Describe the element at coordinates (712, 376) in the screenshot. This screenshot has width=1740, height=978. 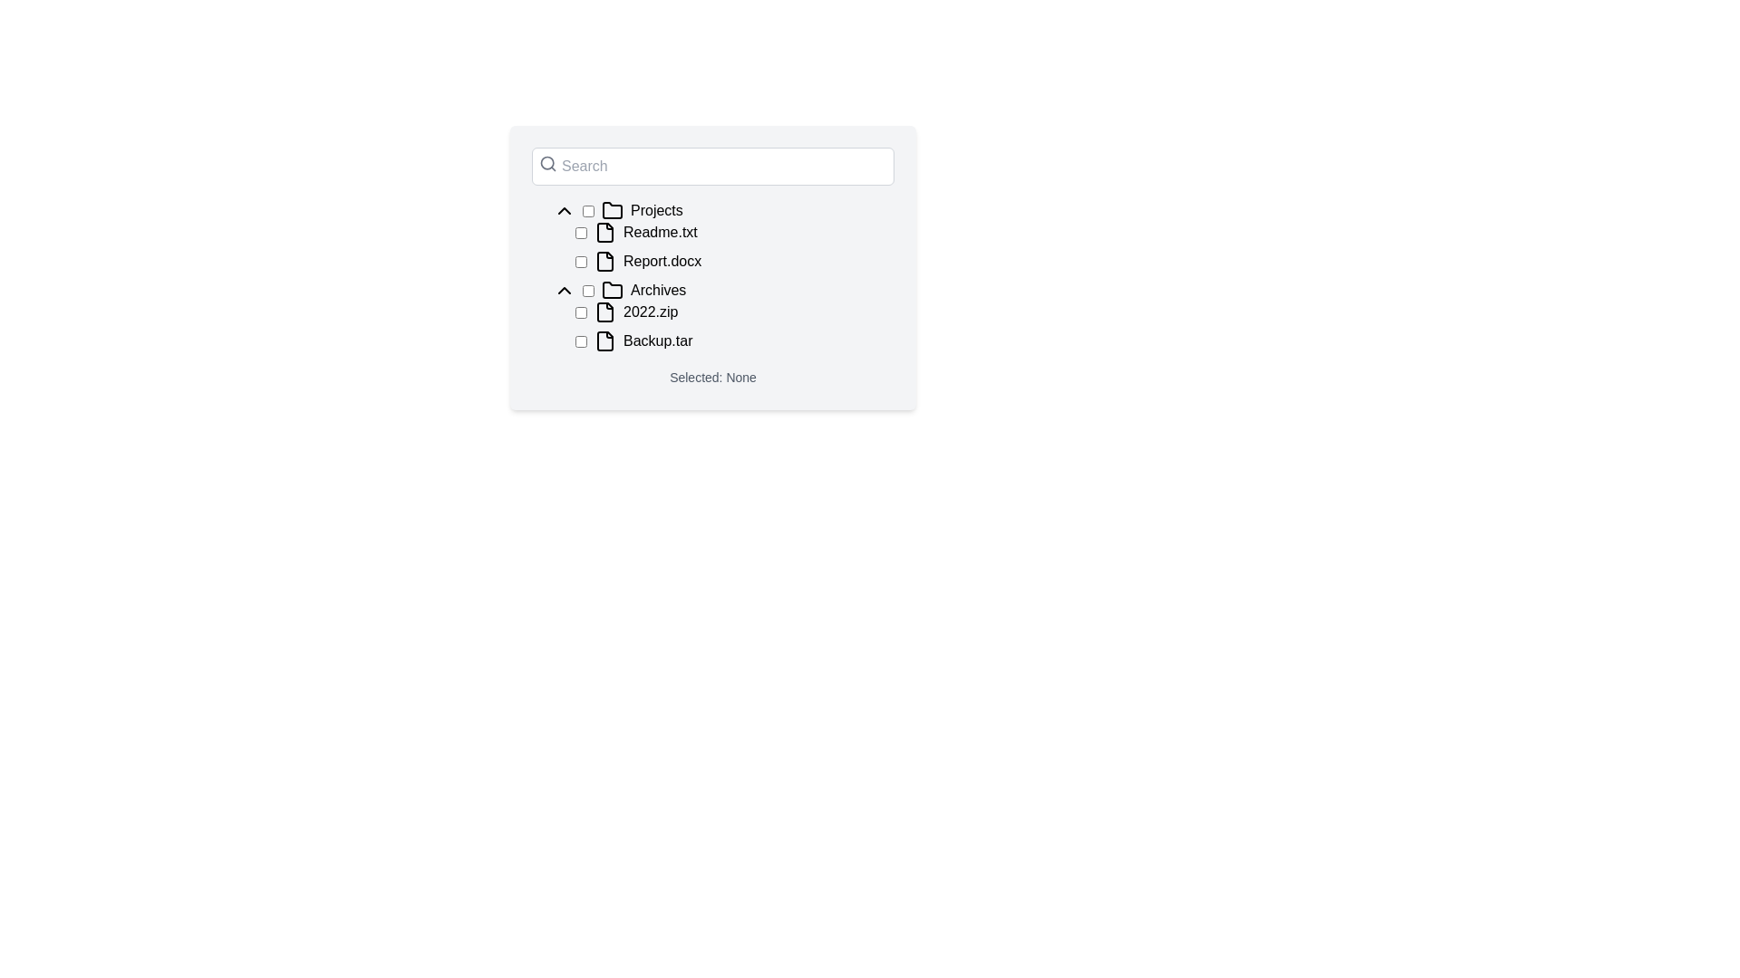
I see `the text label displaying 'Selected: None', which is styled in gray and located at the bottom center of the view beneath the file explorer interface` at that location.